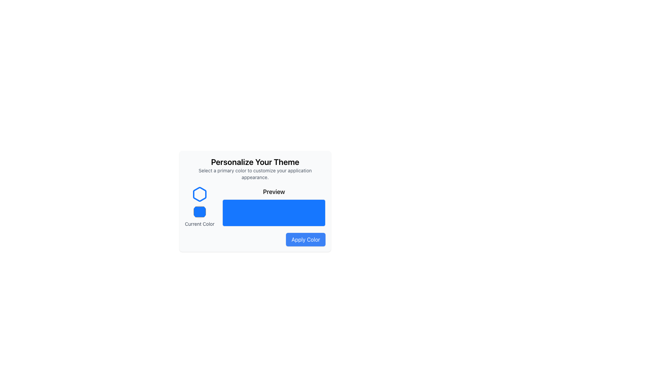 The width and height of the screenshot is (649, 365). What do you see at coordinates (255, 162) in the screenshot?
I see `text label that says 'Personalize Your Theme', which is a bold, black text string located at the top center of the color theme customization panel` at bounding box center [255, 162].